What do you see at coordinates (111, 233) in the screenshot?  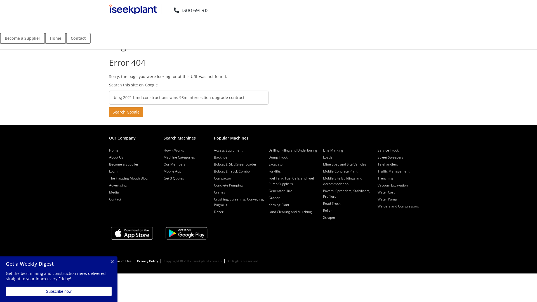 I see `'AppStore'` at bounding box center [111, 233].